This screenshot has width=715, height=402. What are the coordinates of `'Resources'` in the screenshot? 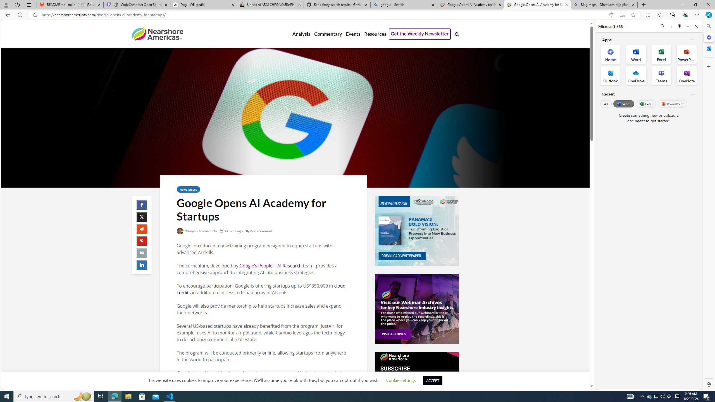 It's located at (375, 34).